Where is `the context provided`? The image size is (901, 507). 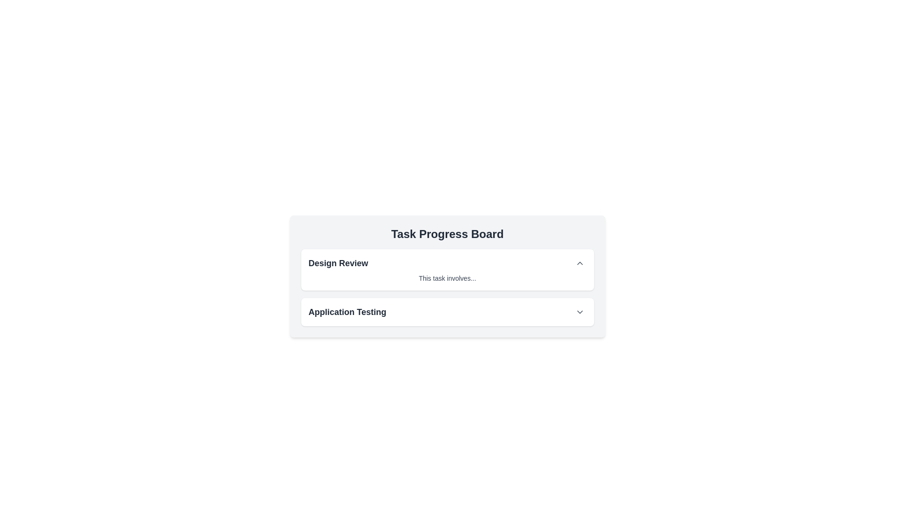
the context provided is located at coordinates (447, 233).